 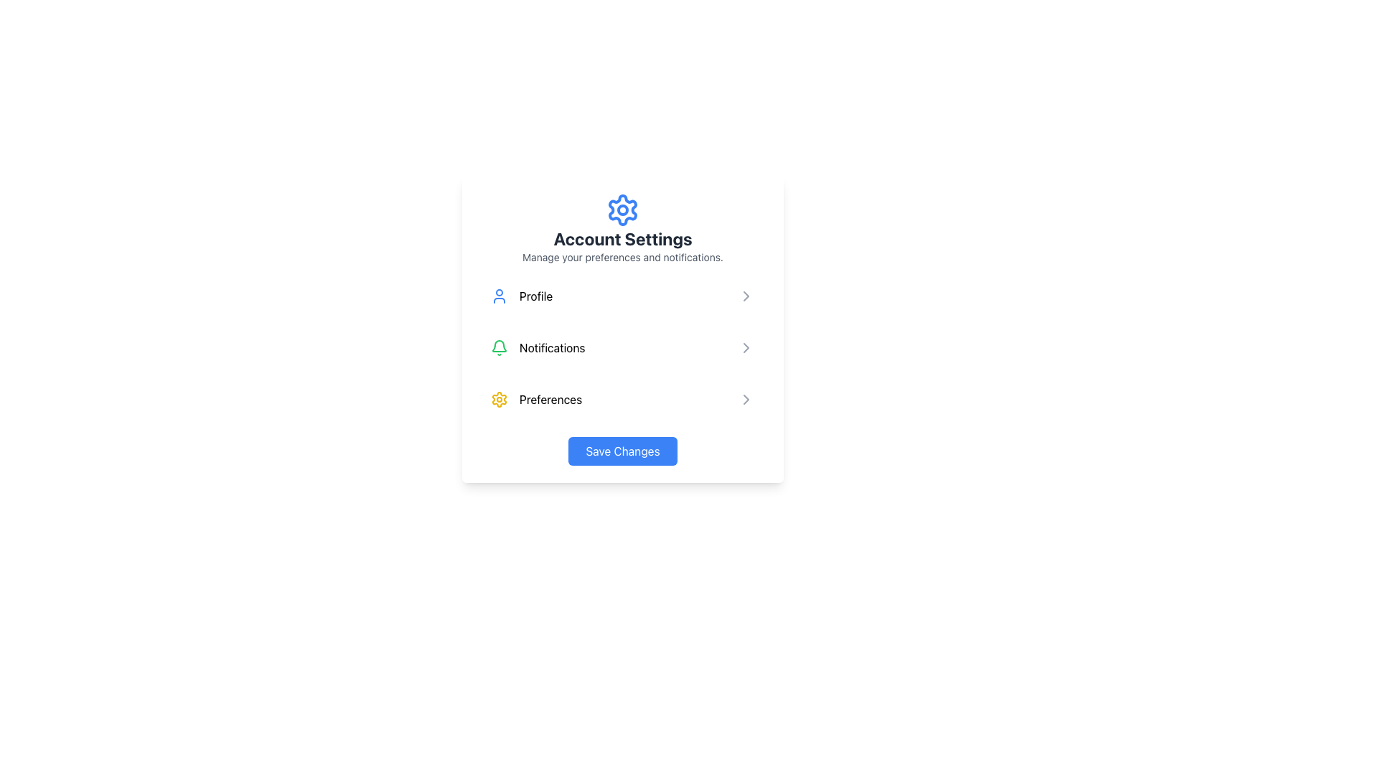 I want to click on the 'Save Changes' button, which is a rectangular button with rounded corners, featuring white text on a blue background, located at the bottom center of the panel, so click(x=623, y=450).